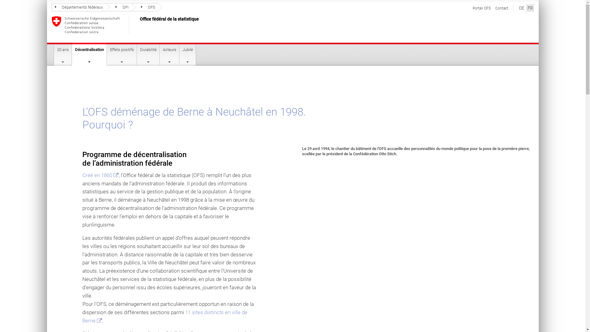 This screenshot has height=332, width=590. What do you see at coordinates (481, 8) in the screenshot?
I see `'Portail OFS'` at bounding box center [481, 8].